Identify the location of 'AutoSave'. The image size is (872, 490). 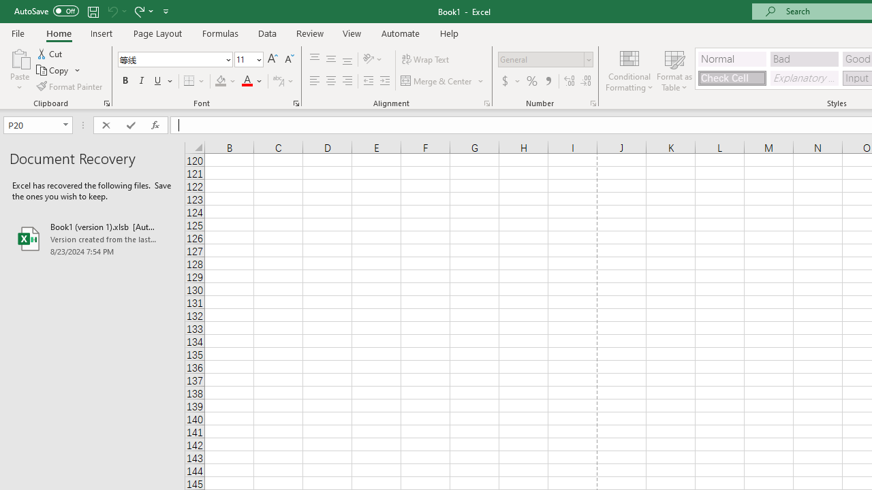
(46, 11).